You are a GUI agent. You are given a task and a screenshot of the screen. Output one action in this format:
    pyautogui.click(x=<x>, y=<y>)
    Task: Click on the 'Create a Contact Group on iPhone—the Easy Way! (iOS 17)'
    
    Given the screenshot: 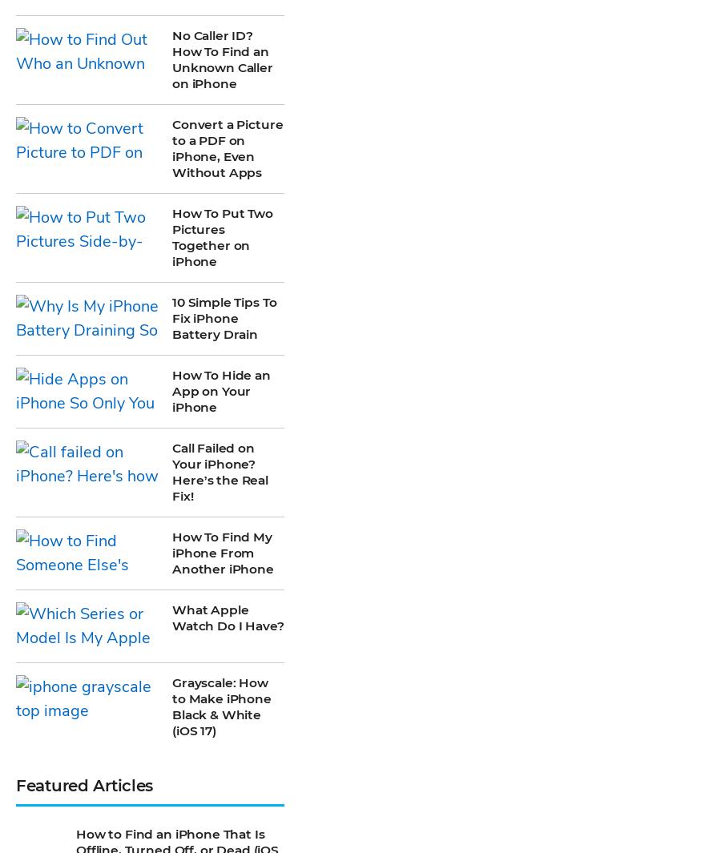 What is the action you would take?
    pyautogui.click(x=76, y=444)
    